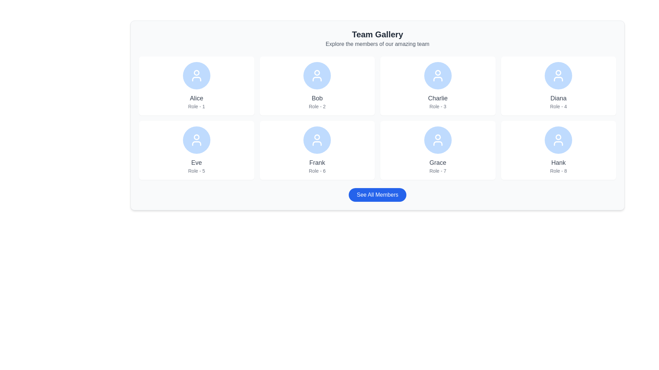 This screenshot has width=659, height=370. I want to click on the circular icon with a blue background and white user silhouette, located in the second row of a 4x2 grid layout, above the text 'Frank Role - 6', so click(317, 139).